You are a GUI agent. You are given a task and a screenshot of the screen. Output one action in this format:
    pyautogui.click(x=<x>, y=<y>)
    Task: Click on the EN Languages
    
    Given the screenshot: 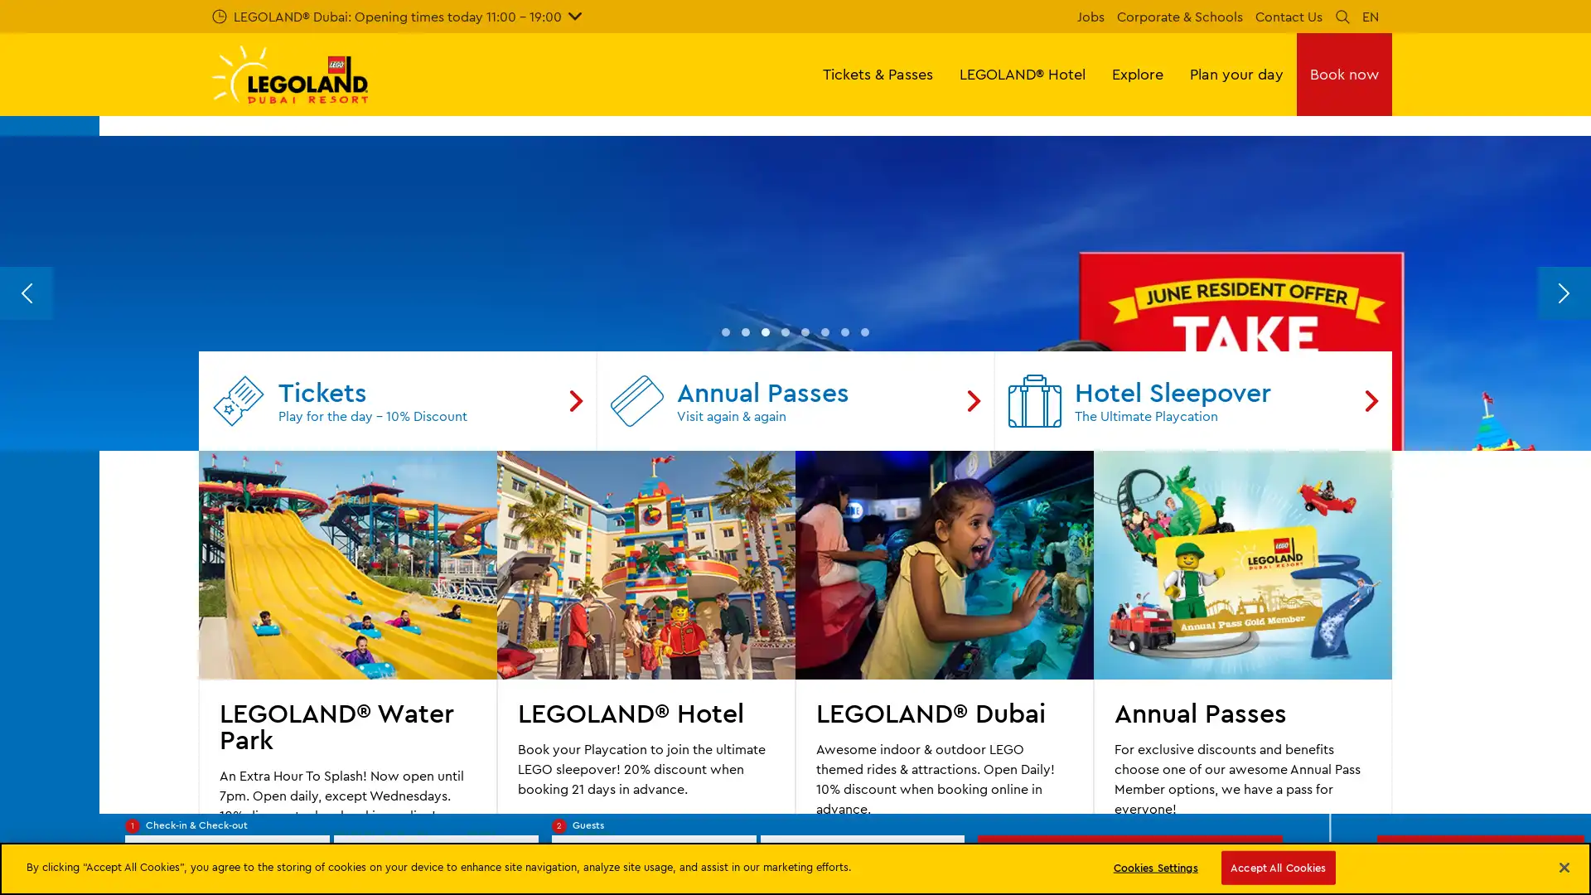 What is the action you would take?
    pyautogui.click(x=1371, y=16)
    